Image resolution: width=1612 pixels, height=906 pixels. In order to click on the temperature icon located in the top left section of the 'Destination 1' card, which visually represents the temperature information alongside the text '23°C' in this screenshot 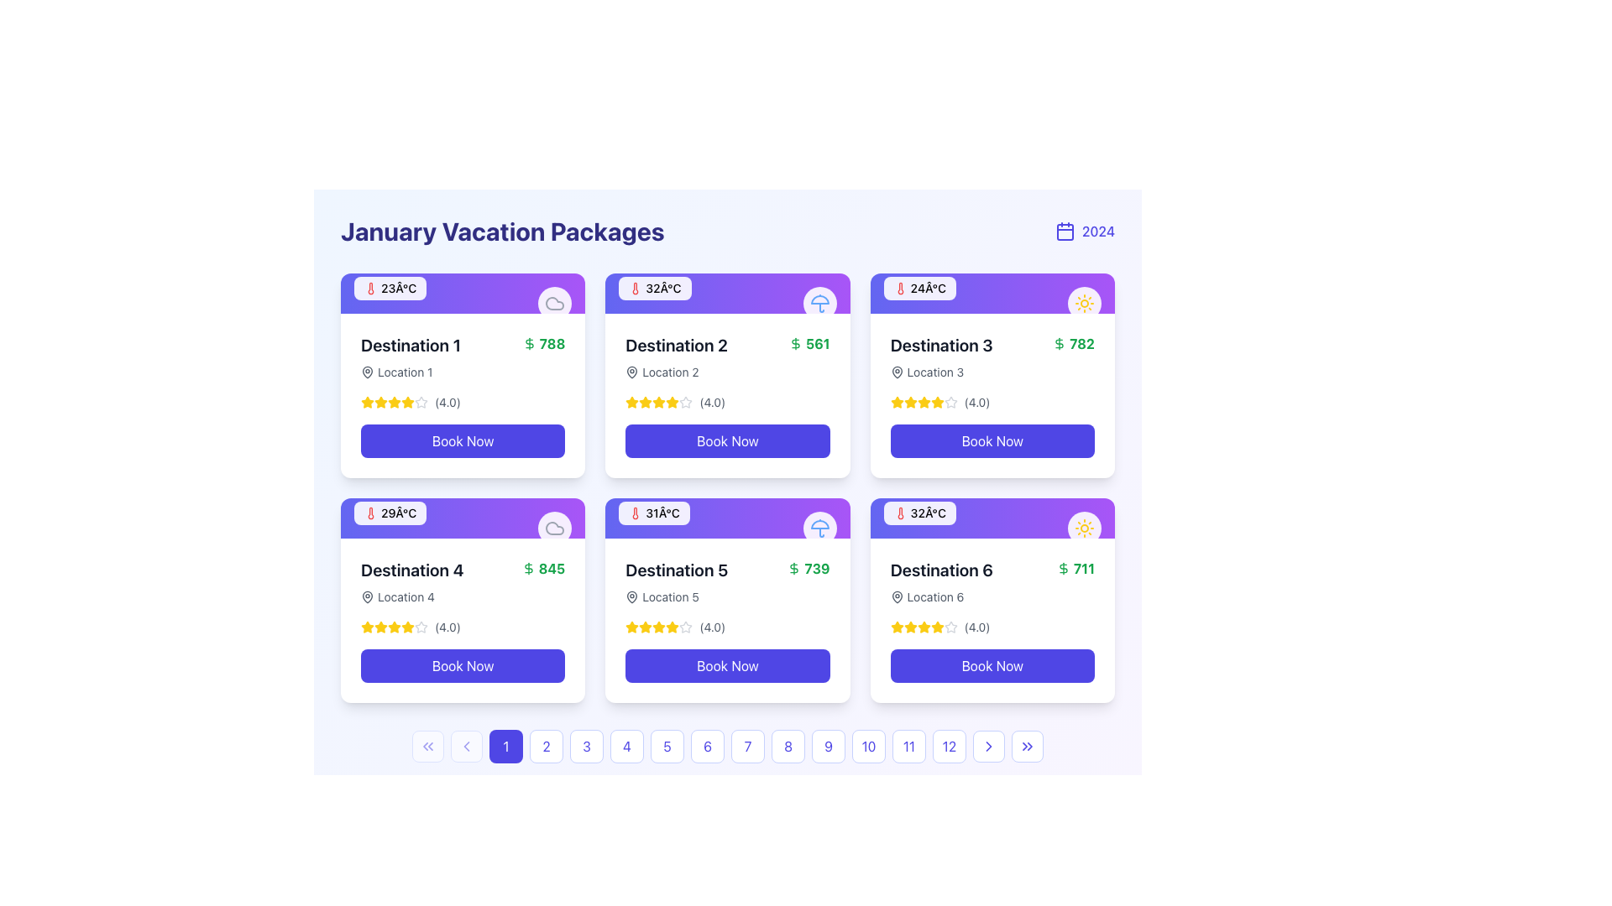, I will do `click(369, 287)`.